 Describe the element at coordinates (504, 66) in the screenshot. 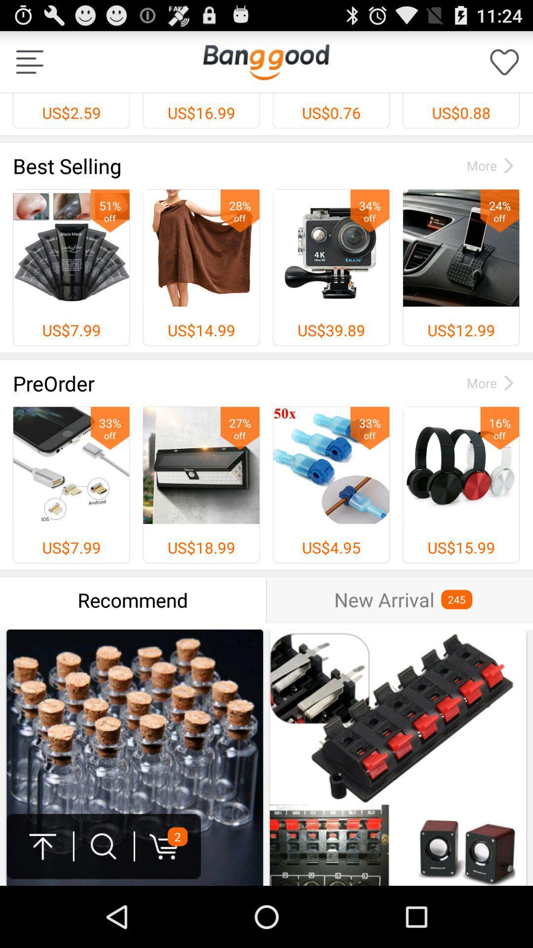

I see `the favorite icon` at that location.